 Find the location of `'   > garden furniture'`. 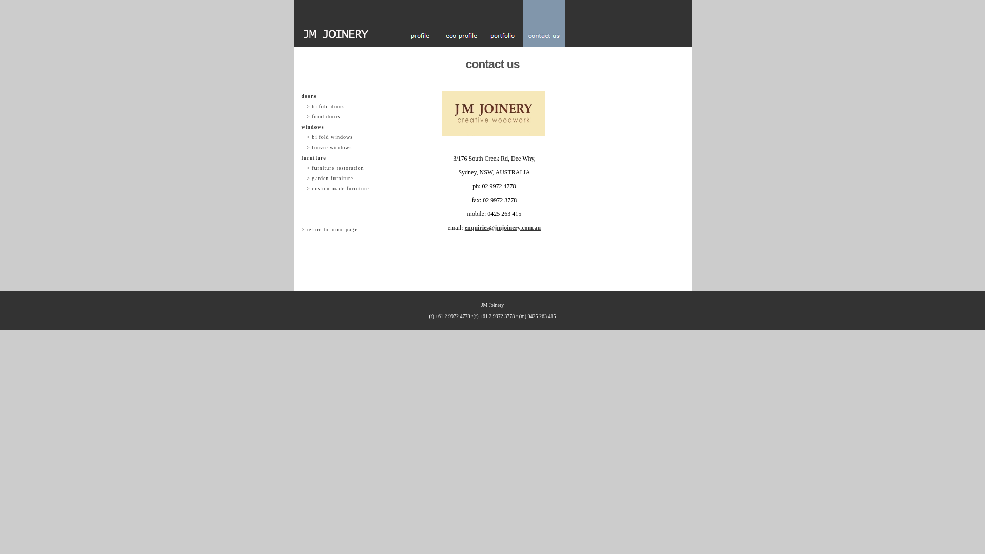

'   > garden furniture' is located at coordinates (342, 177).